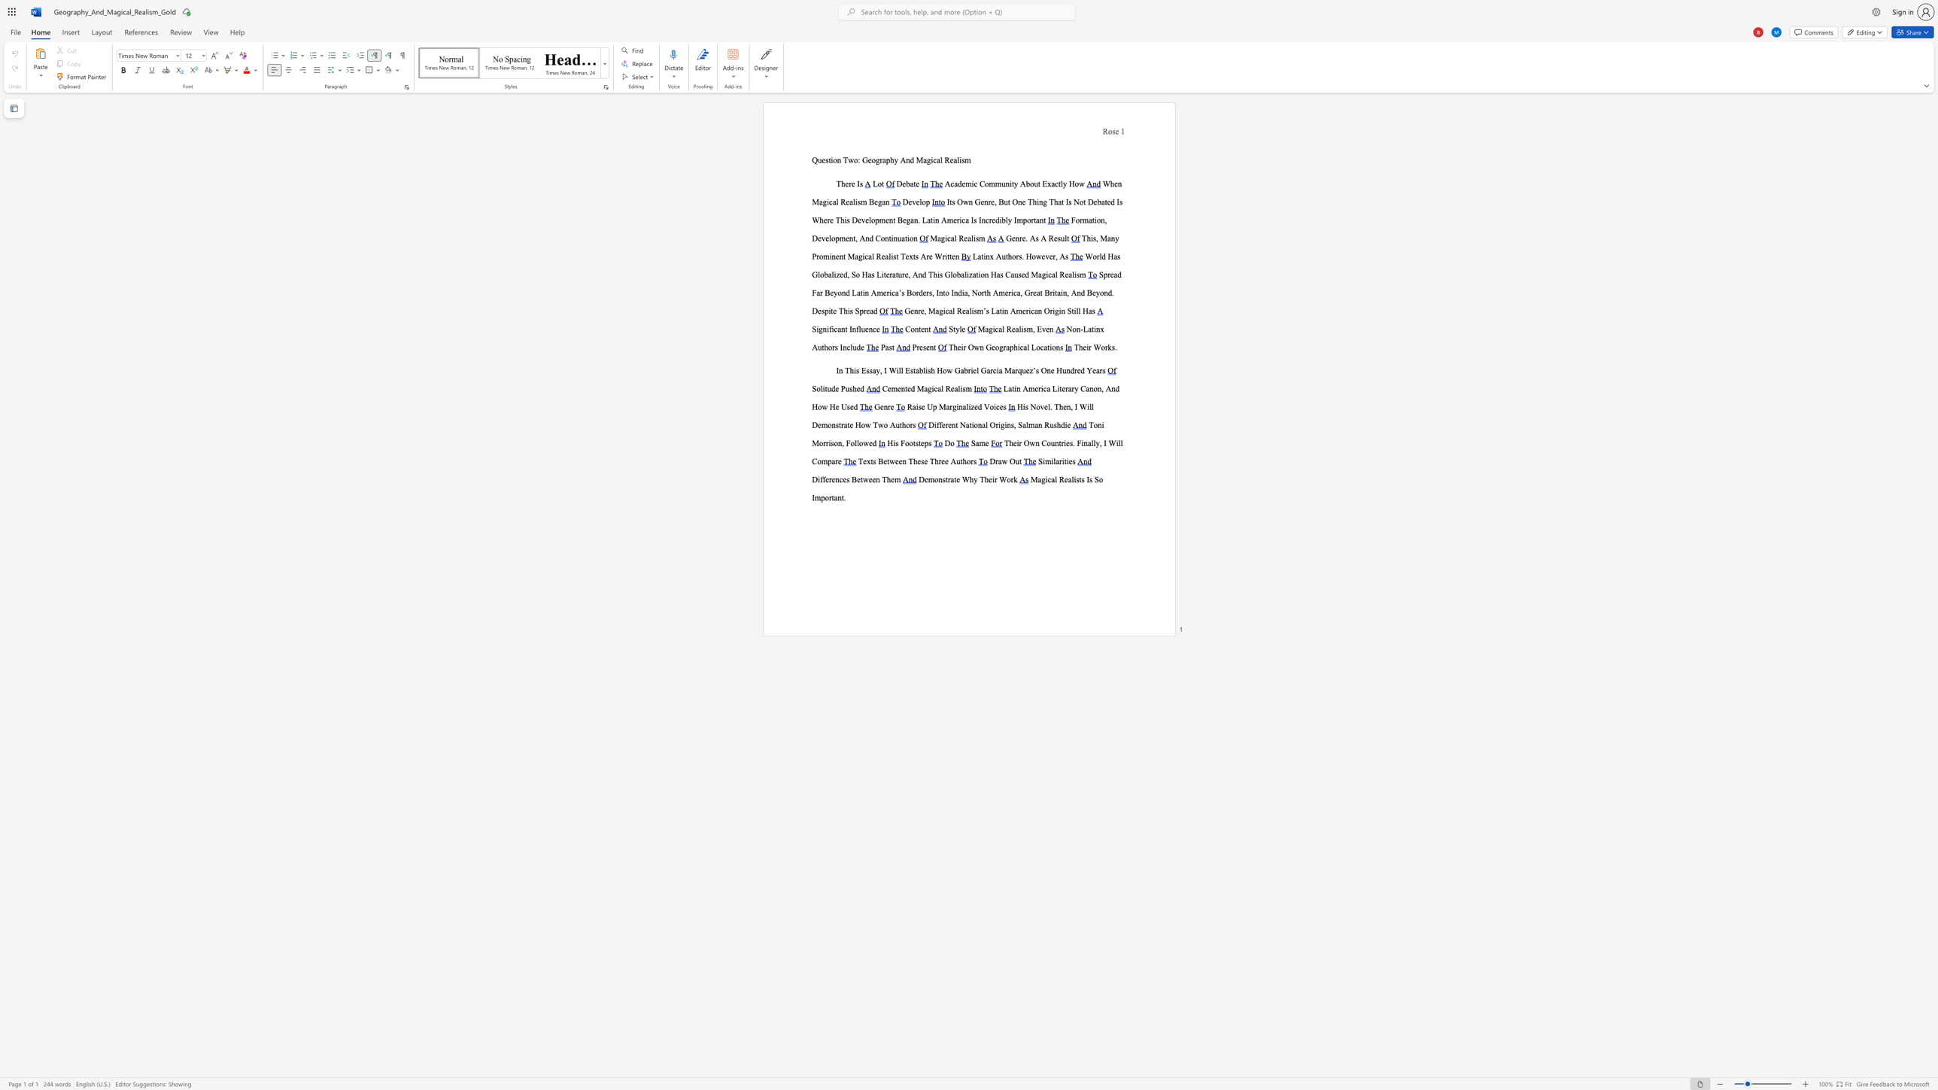 This screenshot has height=1090, width=1938. I want to click on the subset text "ces Betwe" within the text "nces Between Them", so click(839, 478).